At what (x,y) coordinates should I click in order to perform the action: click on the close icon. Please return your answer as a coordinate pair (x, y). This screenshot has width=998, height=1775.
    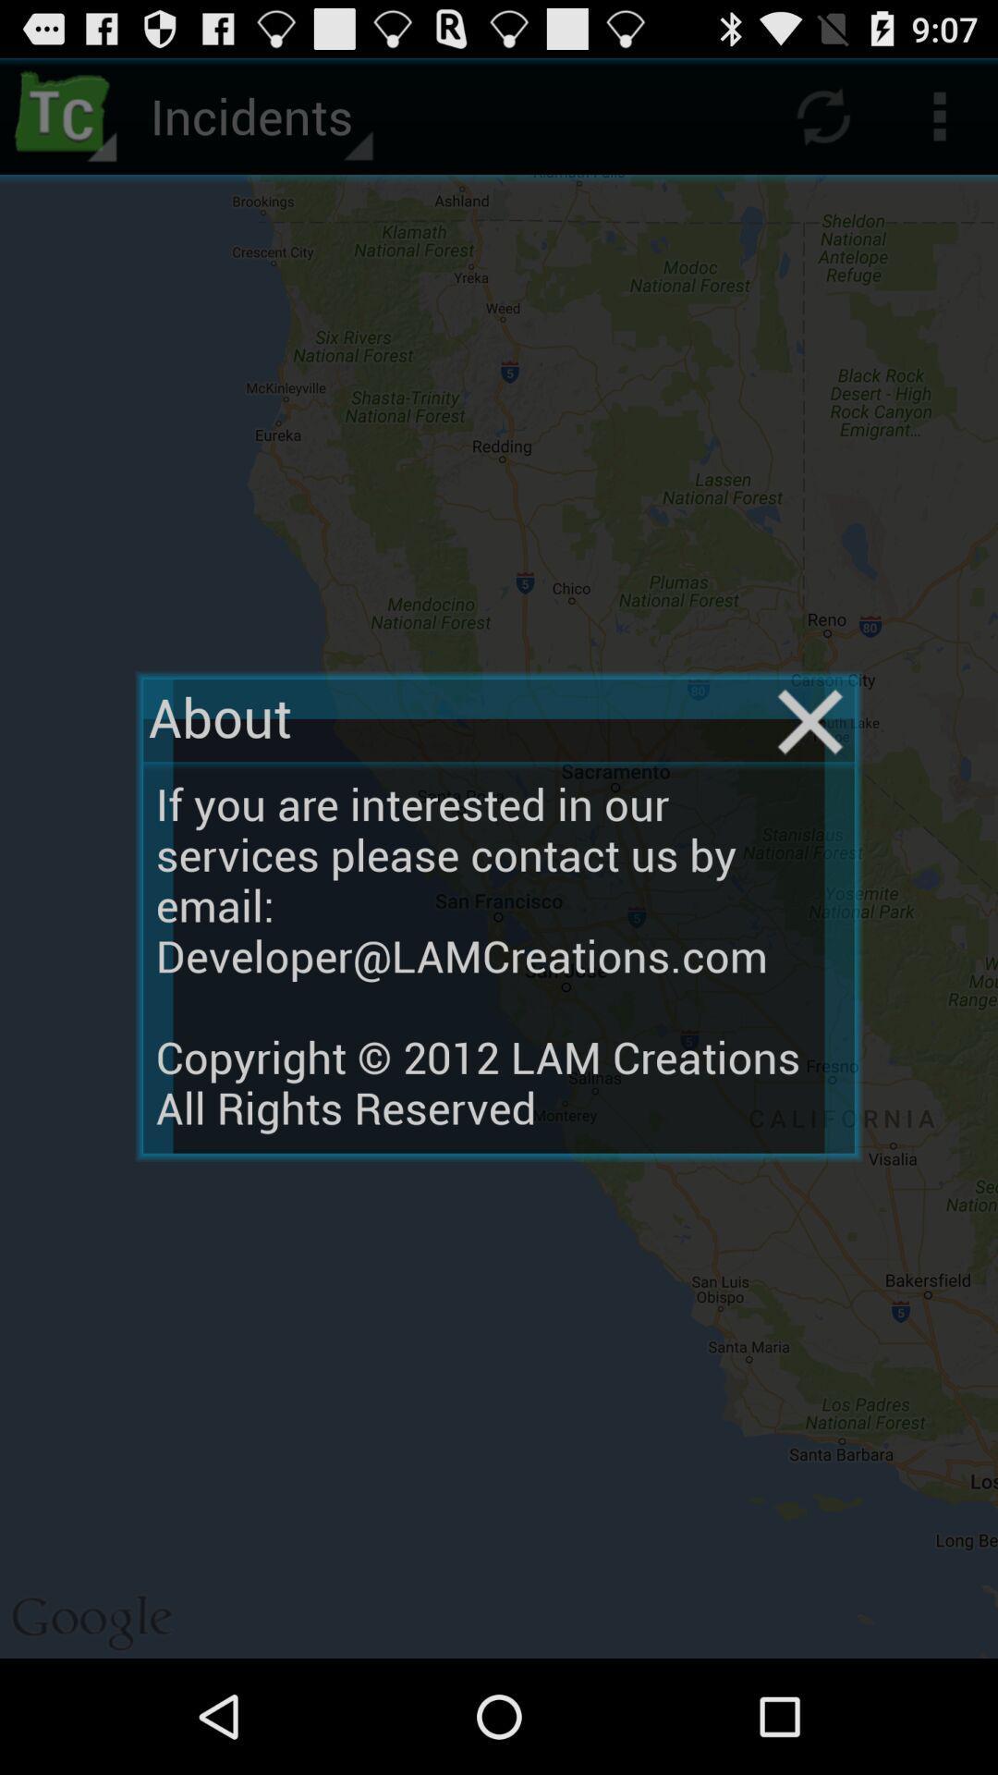
    Looking at the image, I should click on (809, 772).